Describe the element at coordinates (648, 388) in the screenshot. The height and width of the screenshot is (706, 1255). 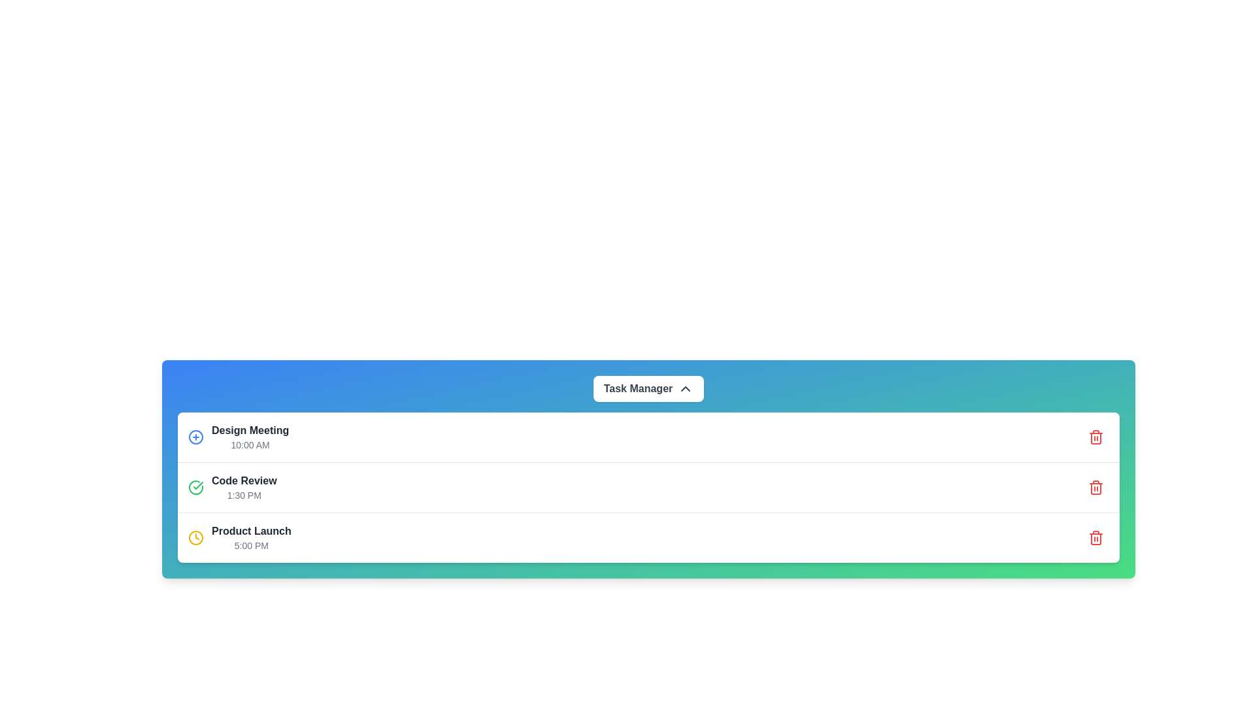
I see `the 'Task Manager' button with a white background and an upwards-pointing chevron icon` at that location.